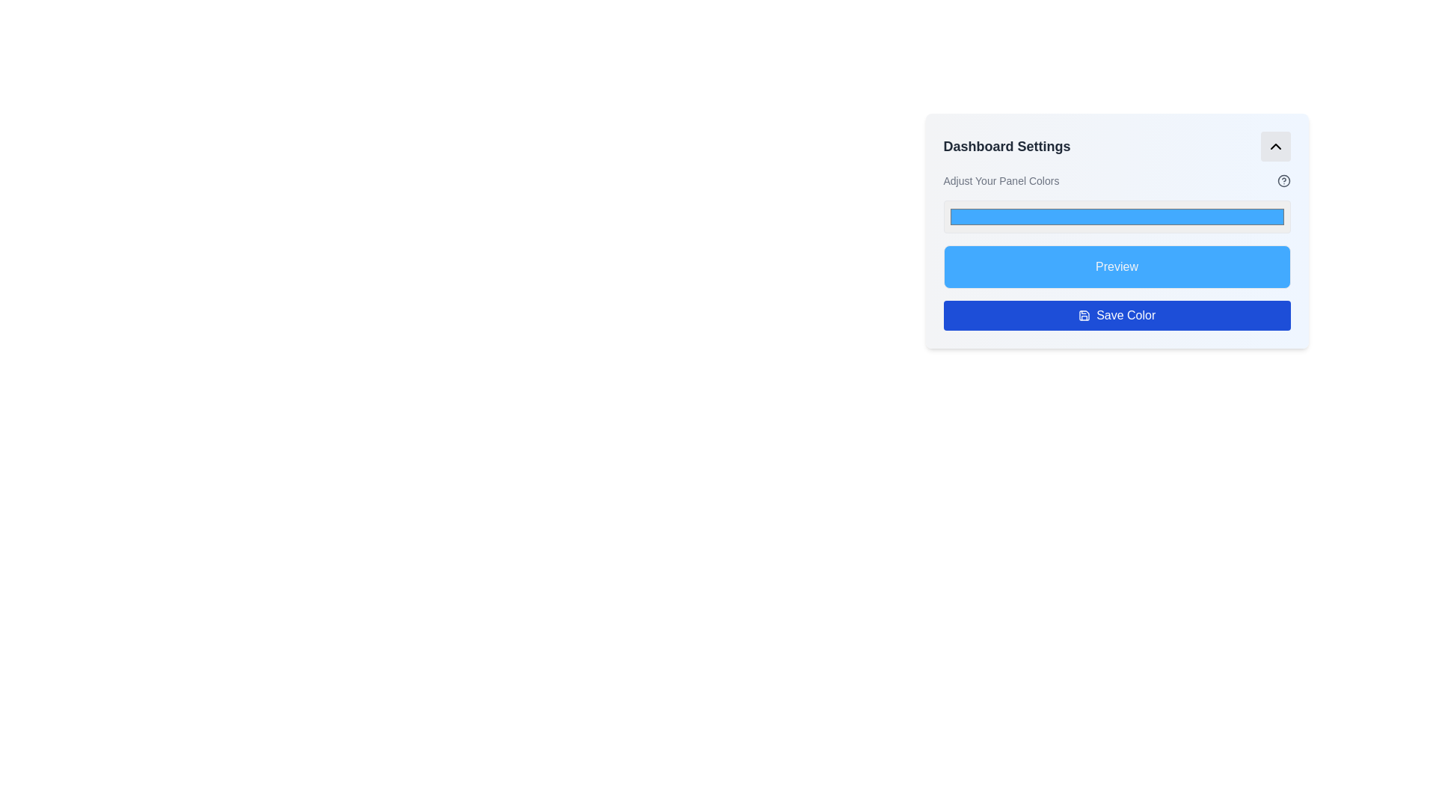  I want to click on the preview button located in the Interactive Panel Section of the Dashboard Settings, specifically below the headline 'Adjust Your Panel Colors', to preview the selected color, so click(1117, 251).